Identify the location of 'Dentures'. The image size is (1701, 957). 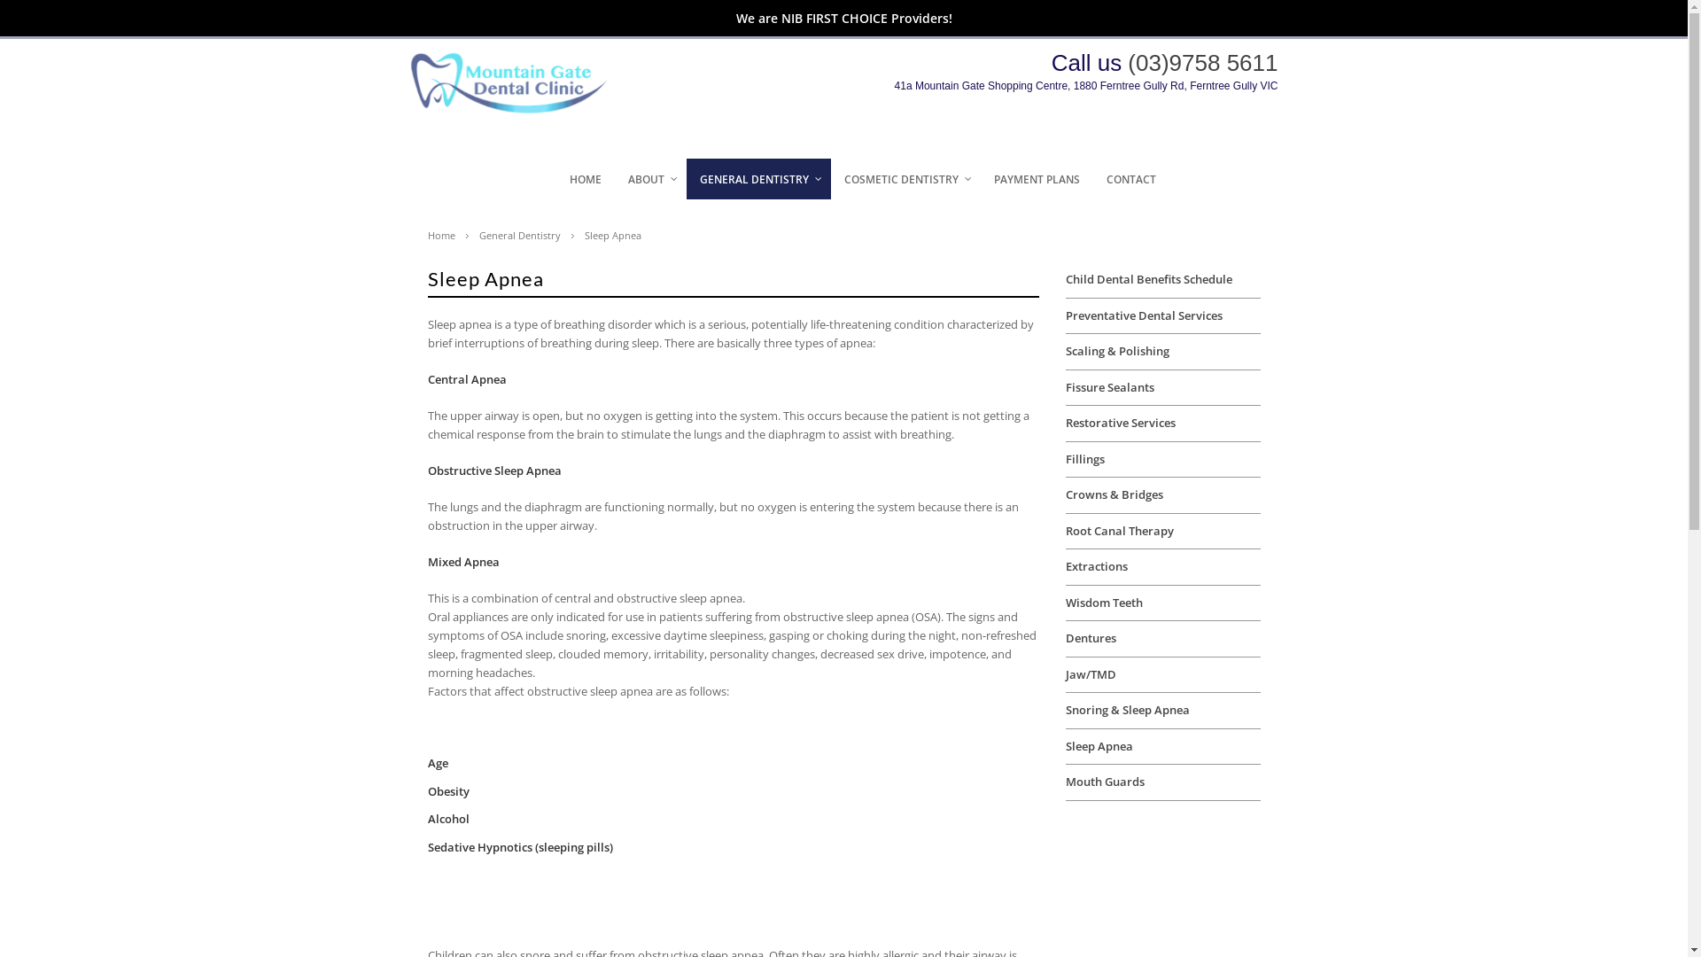
(1089, 638).